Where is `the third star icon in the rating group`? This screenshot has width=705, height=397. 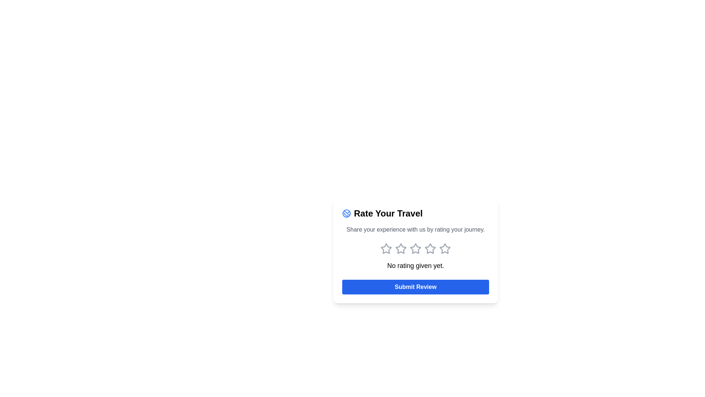
the third star icon in the rating group is located at coordinates (416, 248).